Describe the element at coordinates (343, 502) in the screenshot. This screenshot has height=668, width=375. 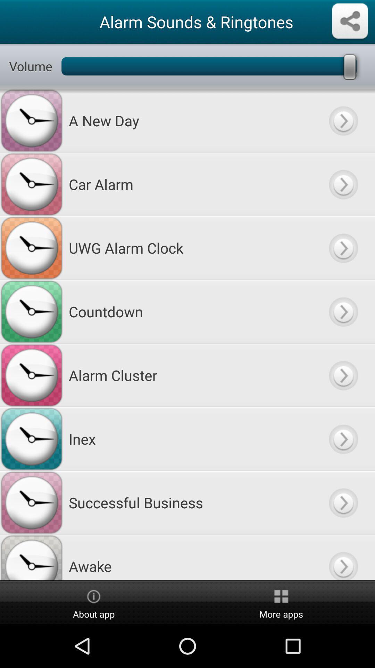
I see `sound` at that location.